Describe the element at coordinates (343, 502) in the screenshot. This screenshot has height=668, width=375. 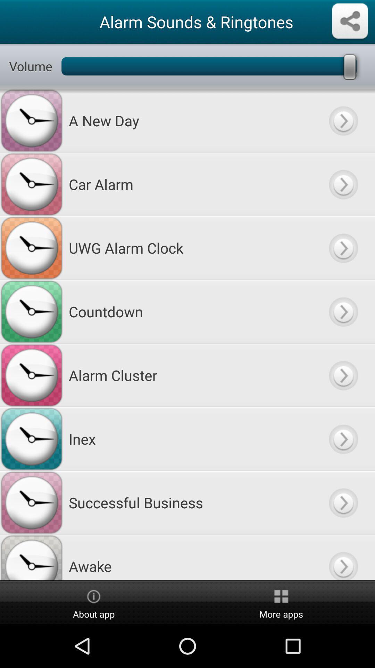
I see `sound` at that location.